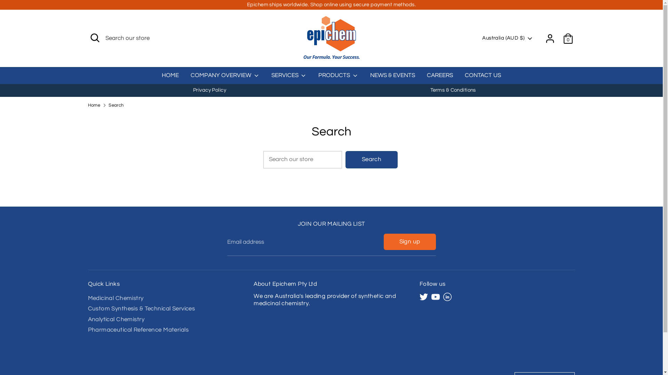  Describe the element at coordinates (568, 39) in the screenshot. I see `'0'` at that location.